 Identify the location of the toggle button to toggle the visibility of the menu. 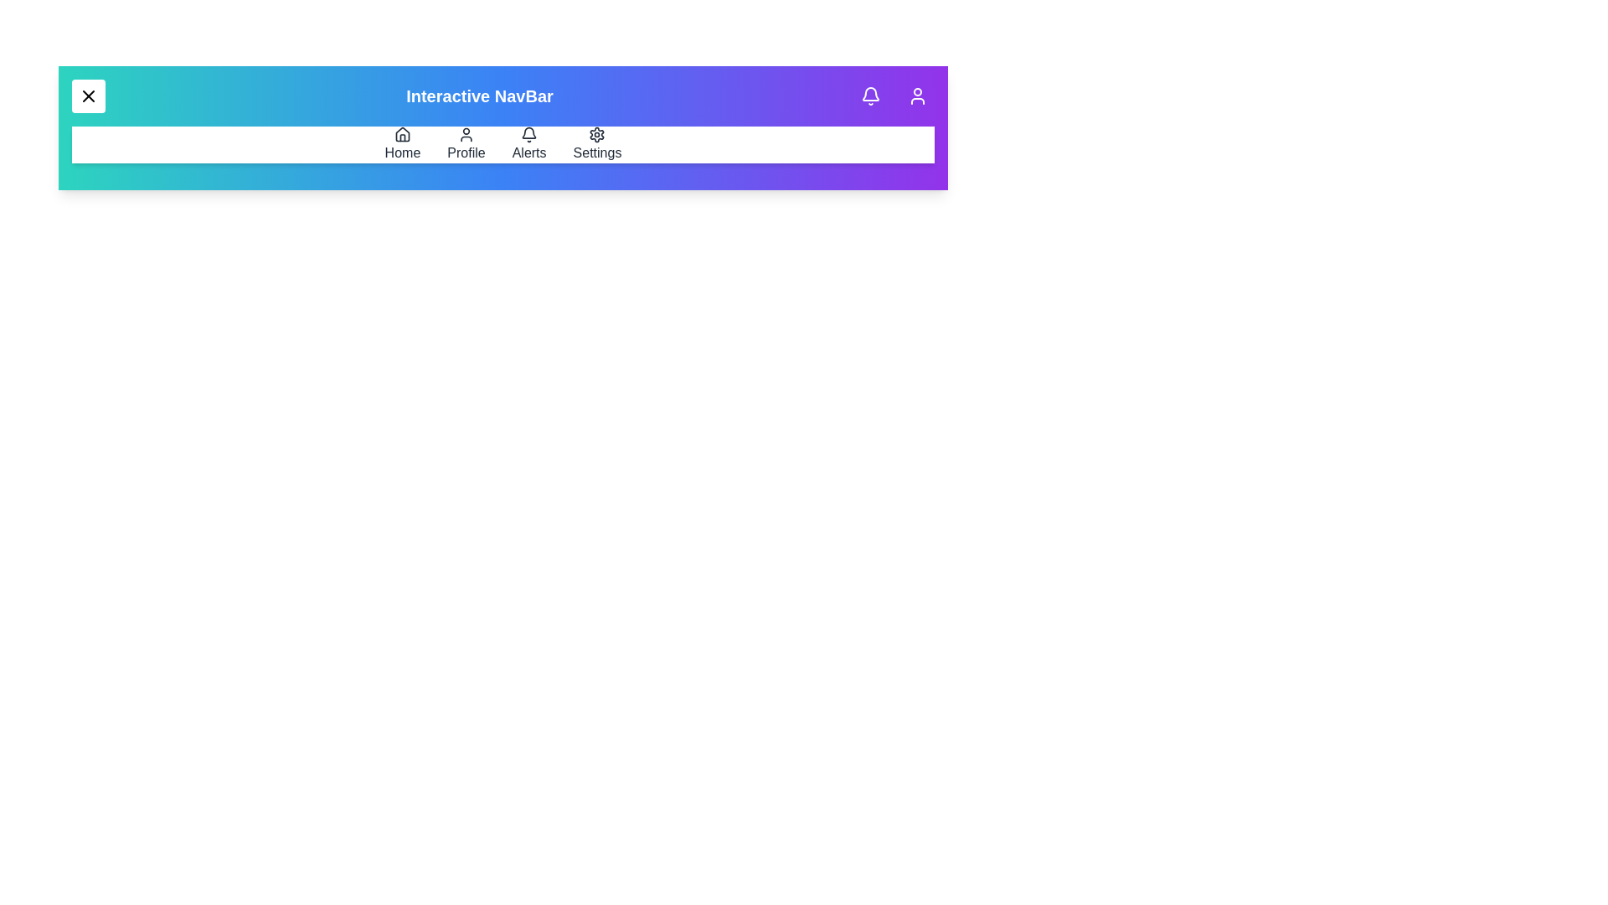
(87, 96).